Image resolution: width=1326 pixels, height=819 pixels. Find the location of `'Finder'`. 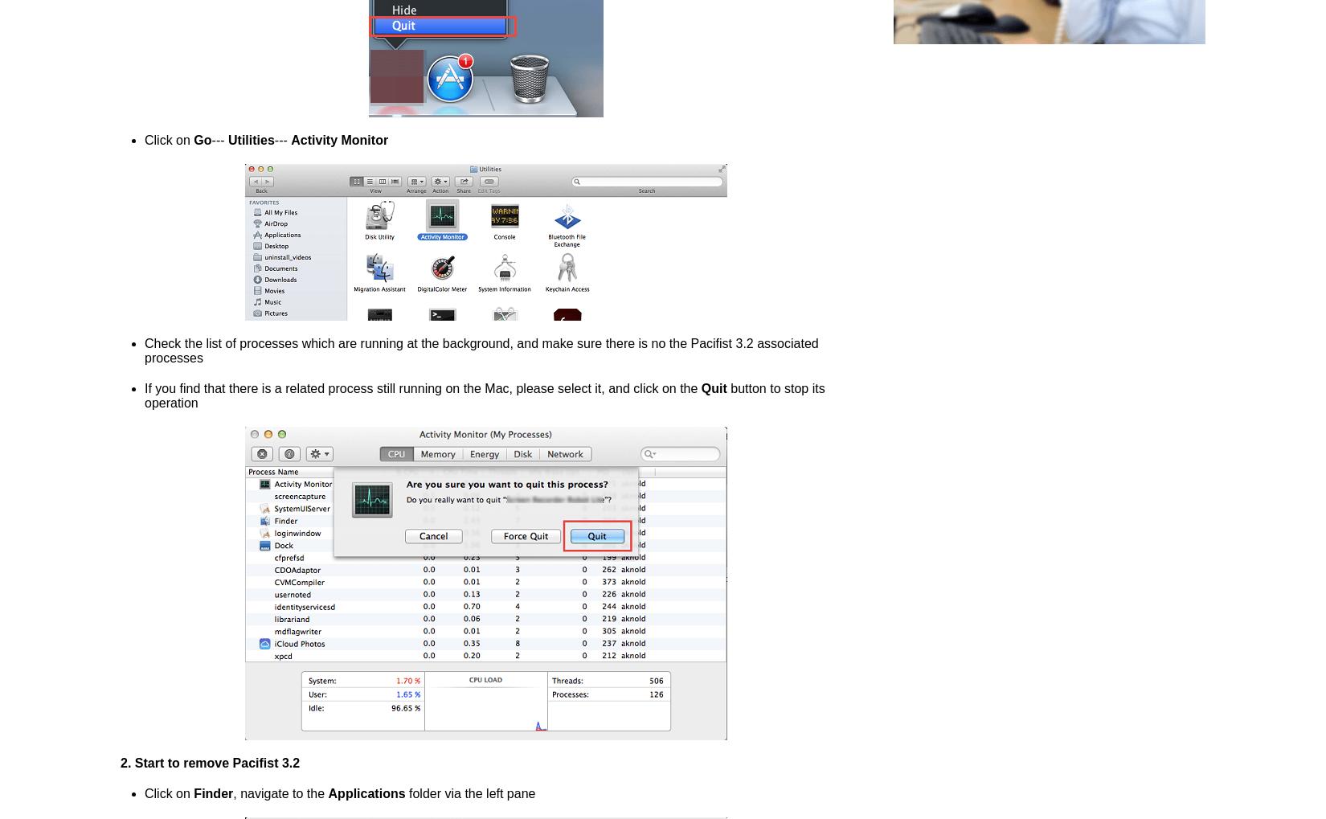

'Finder' is located at coordinates (213, 793).